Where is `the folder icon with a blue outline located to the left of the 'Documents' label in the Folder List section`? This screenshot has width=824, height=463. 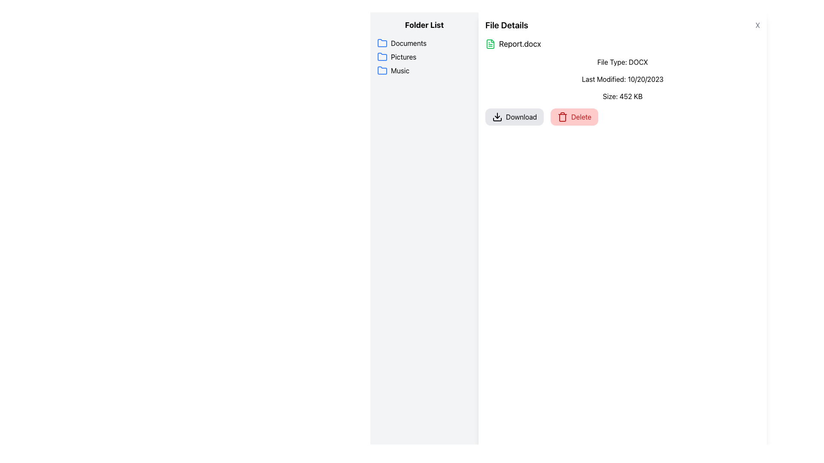
the folder icon with a blue outline located to the left of the 'Documents' label in the Folder List section is located at coordinates (382, 43).